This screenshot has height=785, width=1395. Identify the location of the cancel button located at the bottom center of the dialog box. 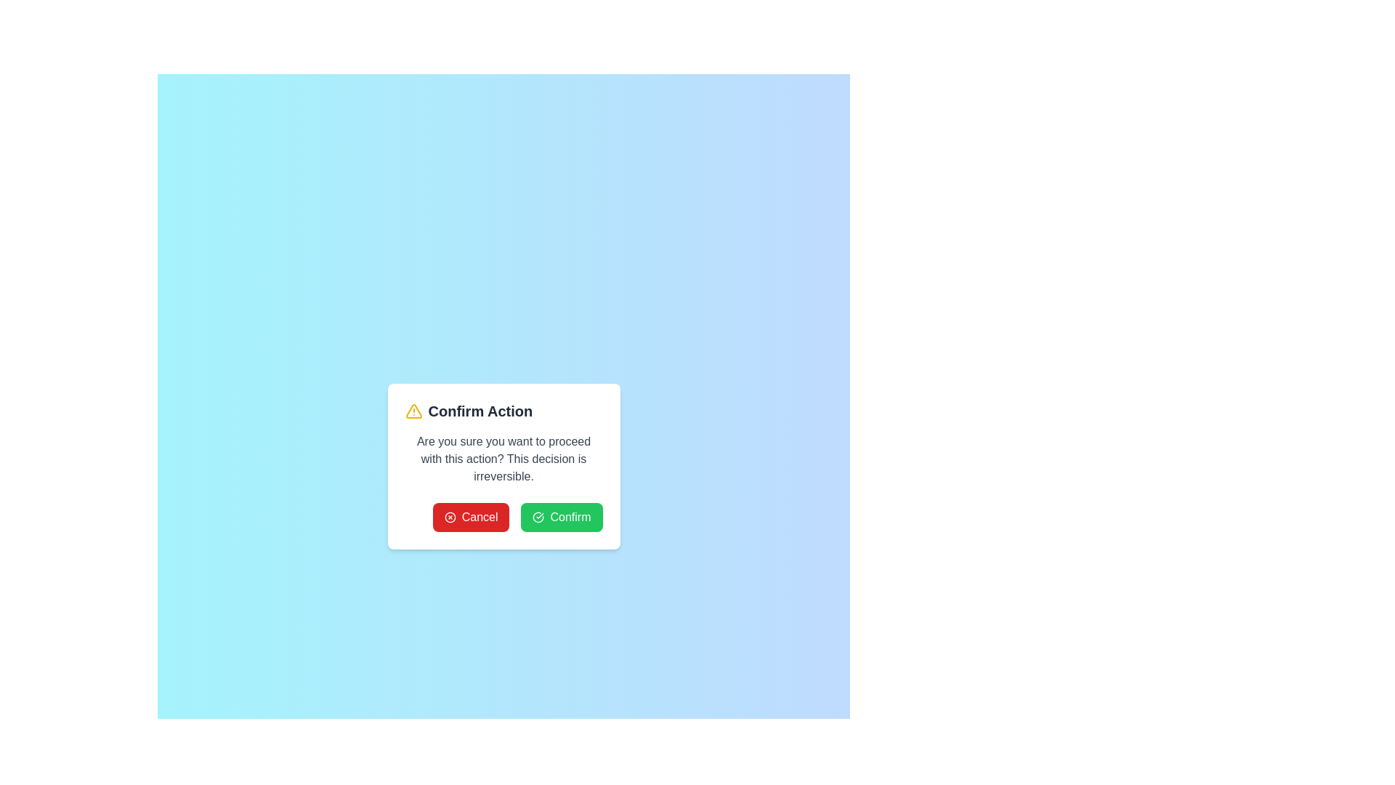
(471, 517).